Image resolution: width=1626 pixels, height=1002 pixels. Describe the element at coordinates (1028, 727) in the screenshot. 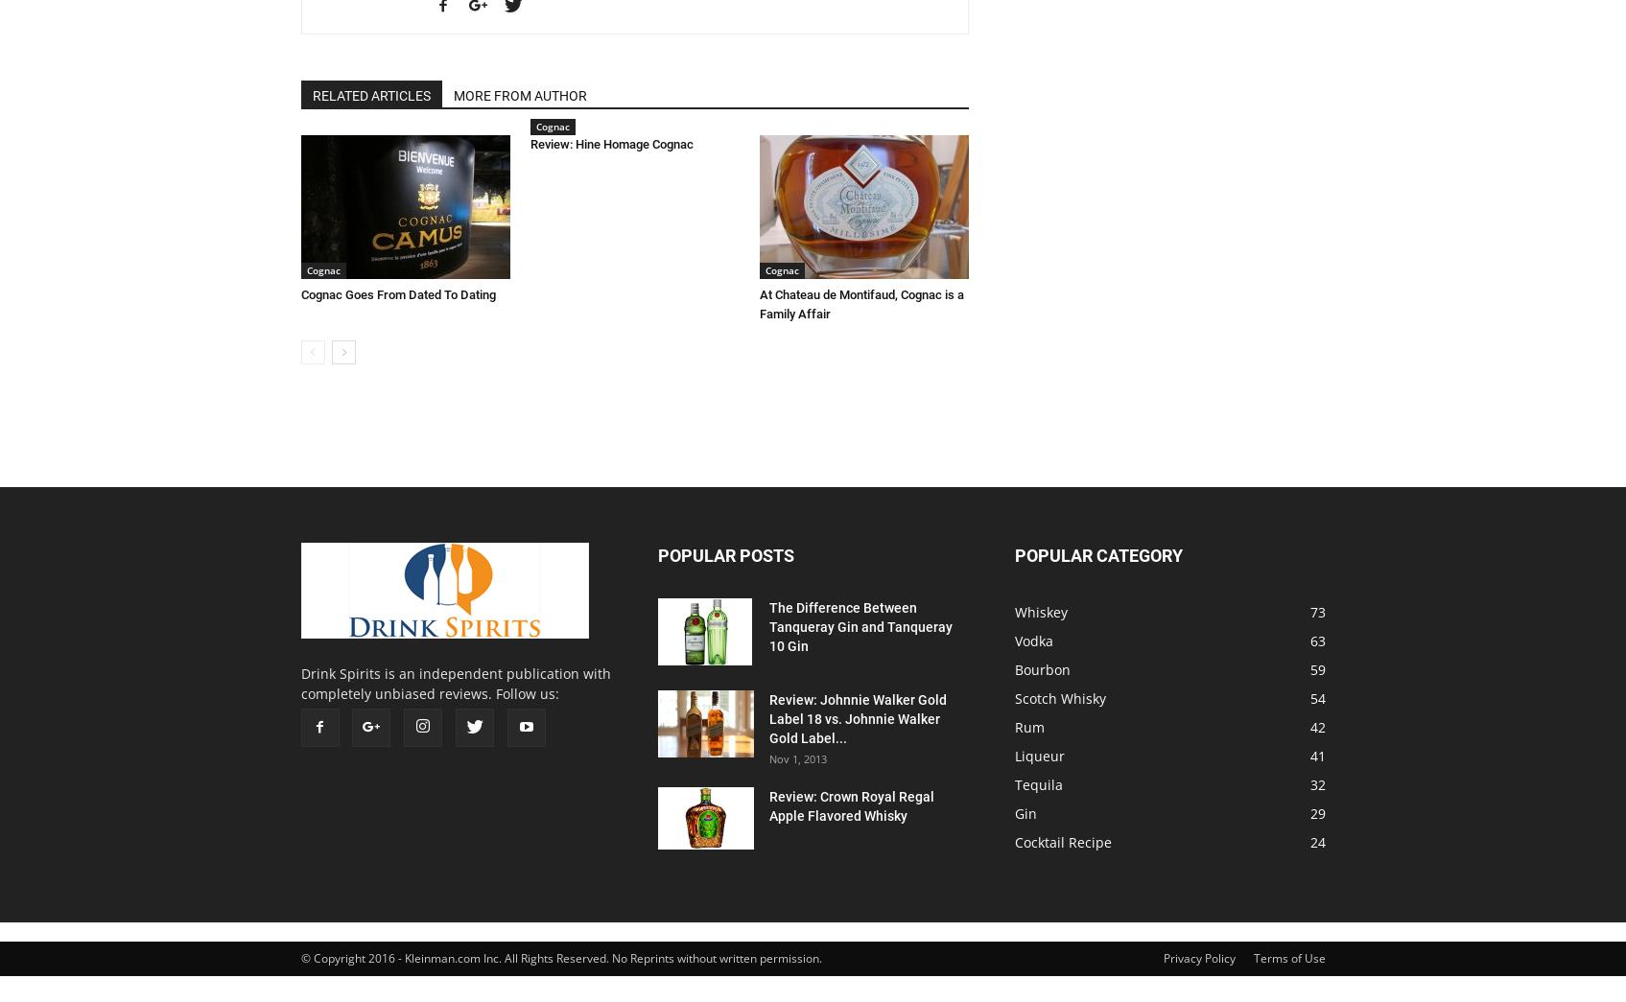

I see `'Rum'` at that location.